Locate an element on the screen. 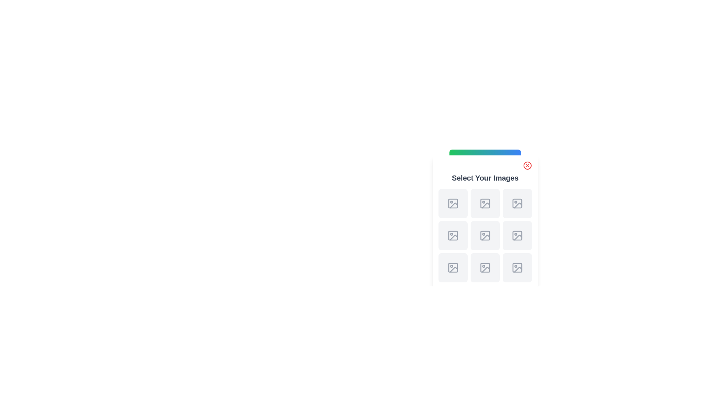 The height and width of the screenshot is (394, 701). the light gray rectangle with rounded corners that is part of the photo symbol icon in the 'Select Your Images' section, located in the top-left corner of the grid layout is located at coordinates (453, 204).